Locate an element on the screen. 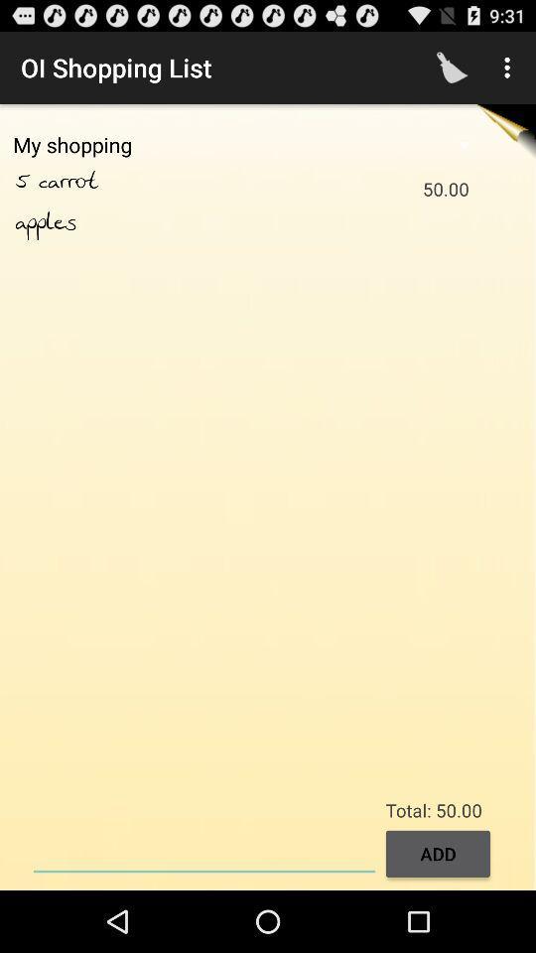 Image resolution: width=536 pixels, height=953 pixels. icon next to the 50.00 is located at coordinates (46, 222).